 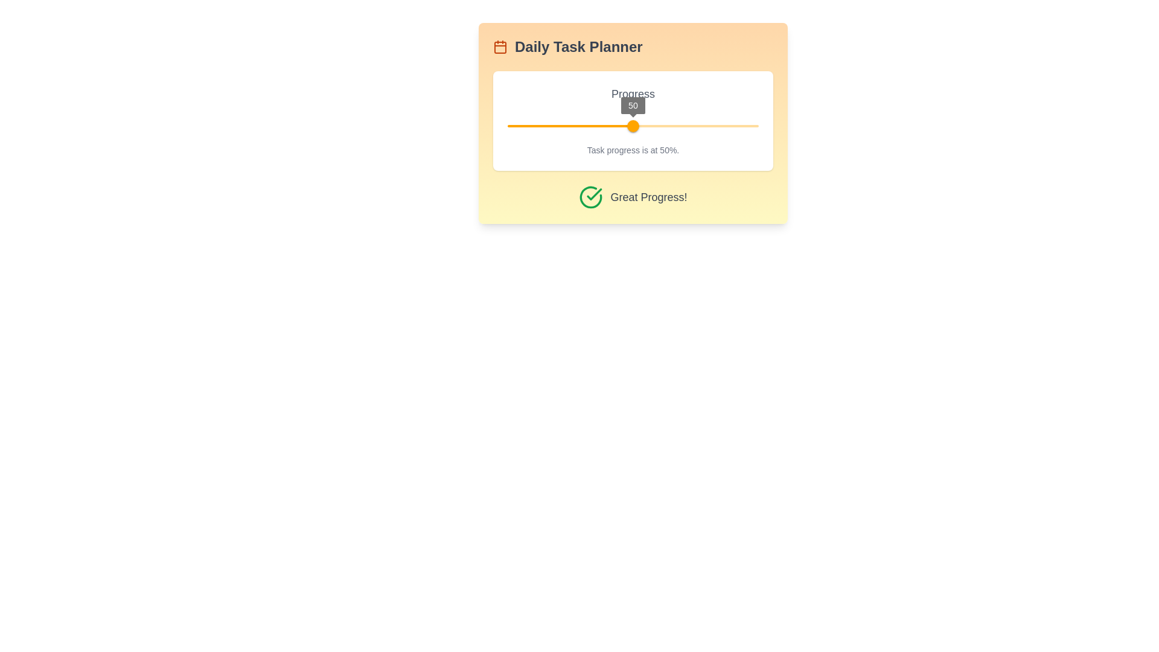 What do you see at coordinates (633, 126) in the screenshot?
I see `the slider's value` at bounding box center [633, 126].